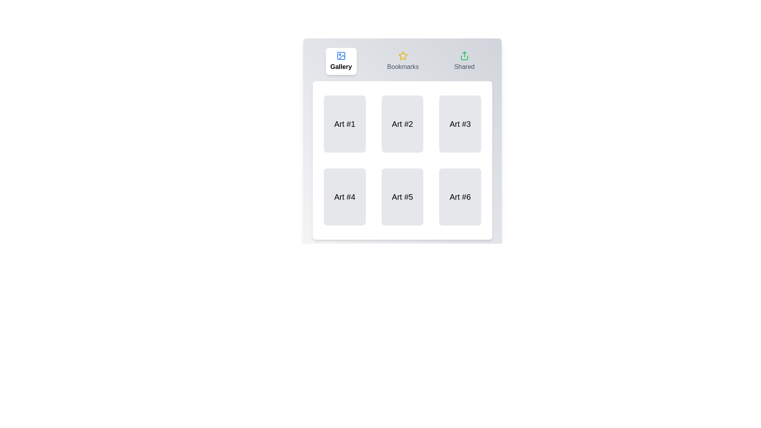 The width and height of the screenshot is (761, 428). I want to click on the Shared tab label to interact, so click(464, 61).